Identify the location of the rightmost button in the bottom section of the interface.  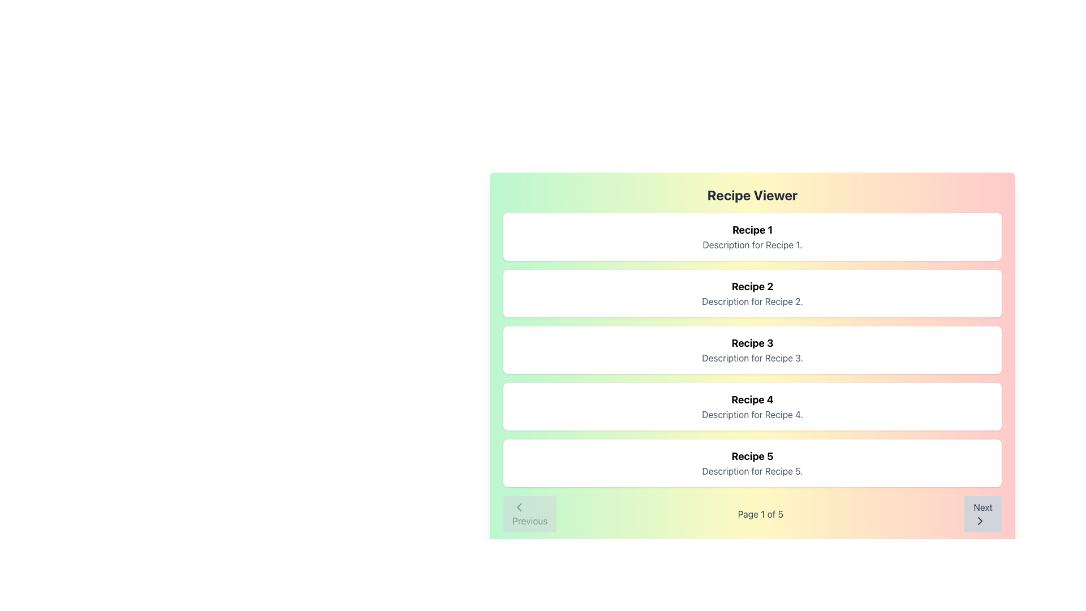
(982, 514).